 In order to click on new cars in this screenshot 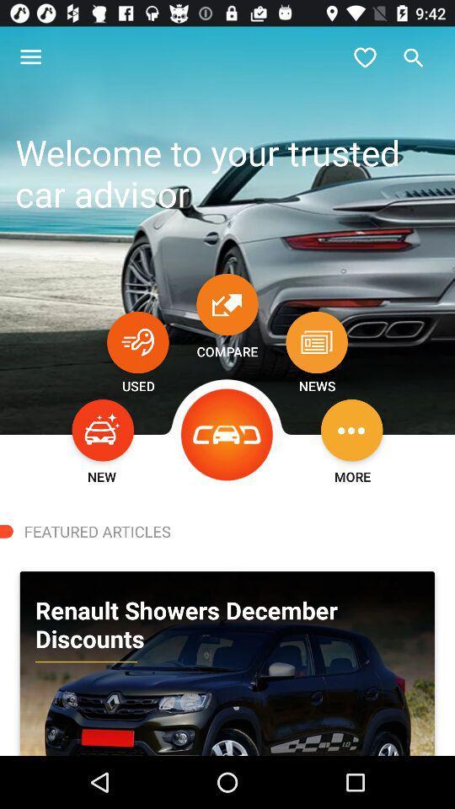, I will do `click(103, 429)`.